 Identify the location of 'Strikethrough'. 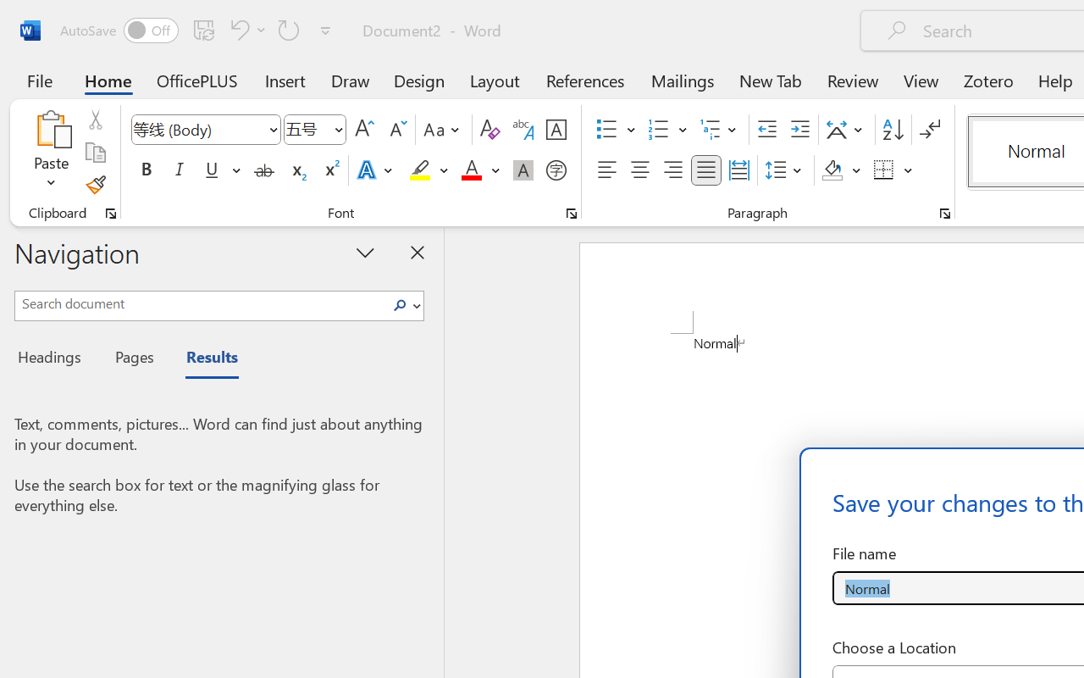
(263, 170).